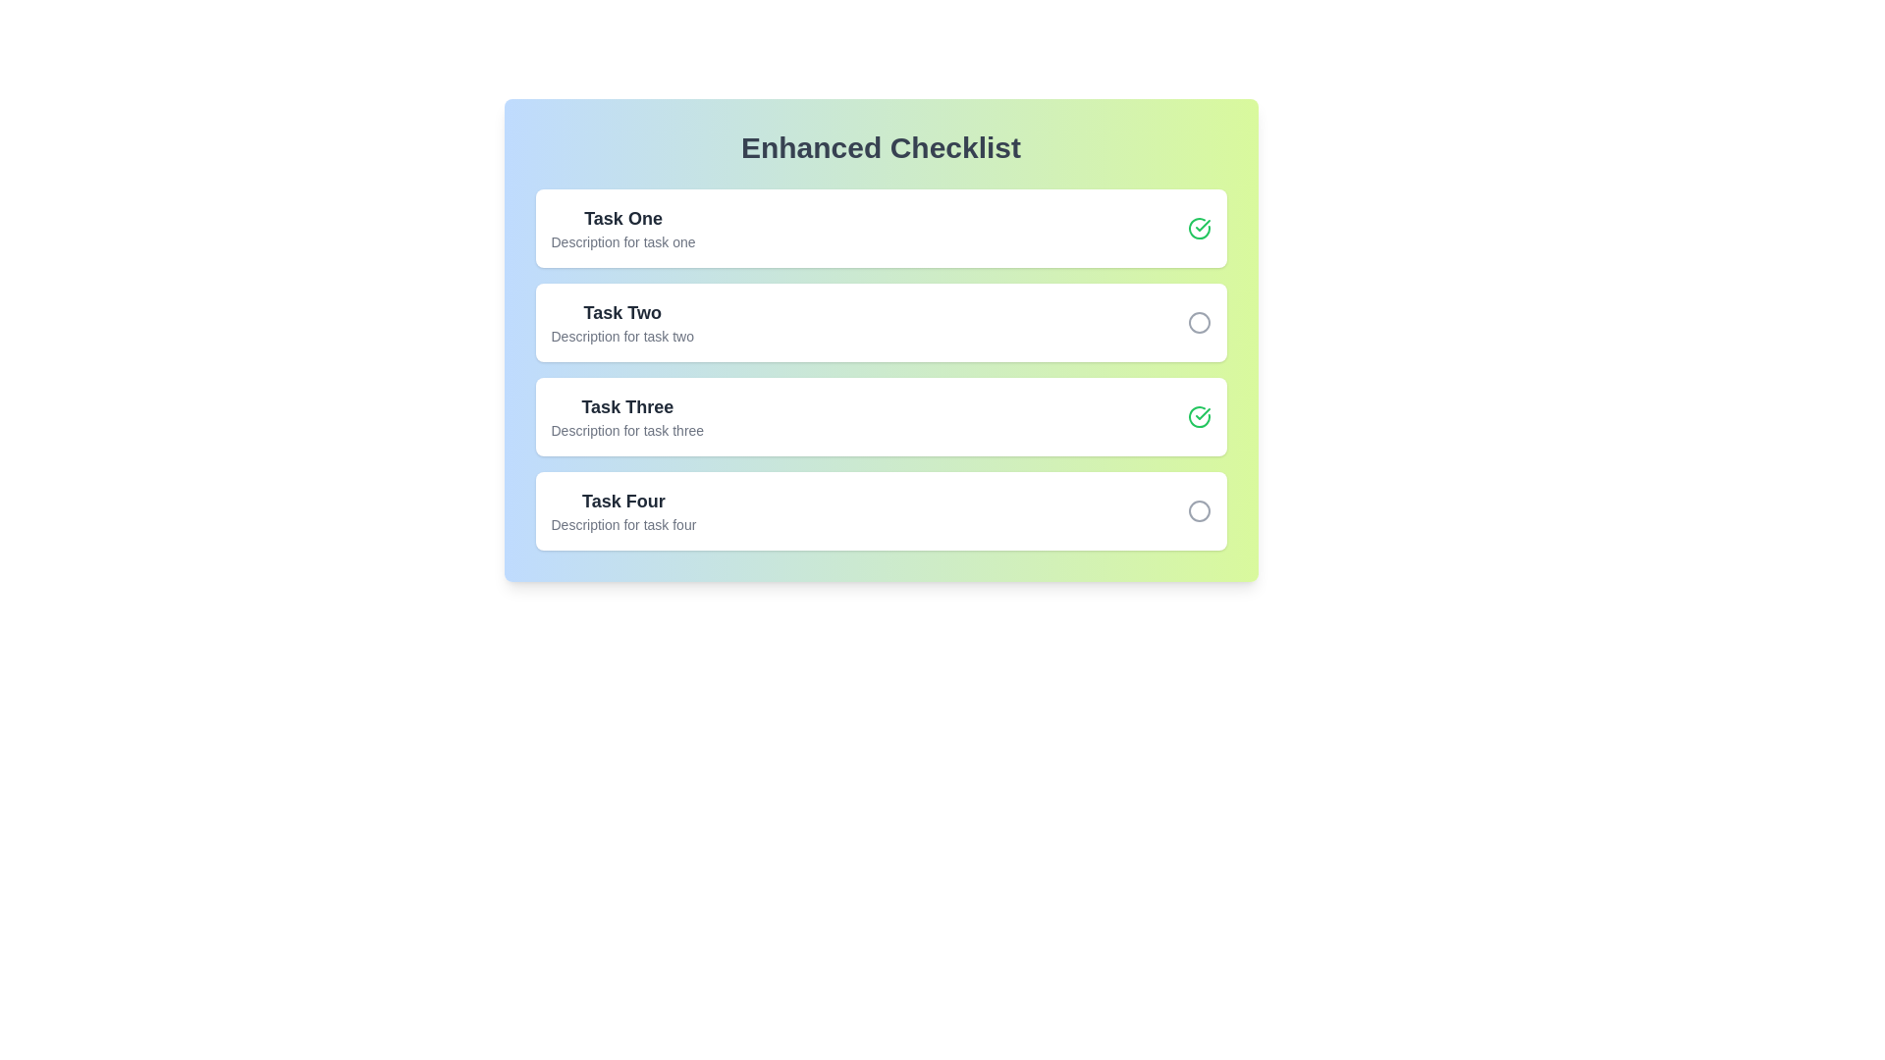 This screenshot has width=1885, height=1060. I want to click on the task name or description for Task Two, so click(620, 312).